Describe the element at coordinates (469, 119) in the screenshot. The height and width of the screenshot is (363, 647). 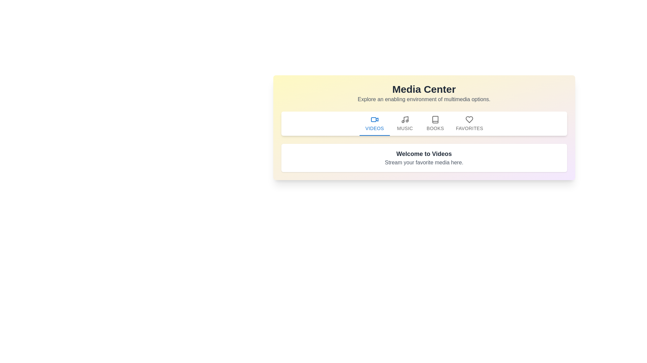
I see `the heart icon representing the 'Favorites' section located centrally within the tab group` at that location.